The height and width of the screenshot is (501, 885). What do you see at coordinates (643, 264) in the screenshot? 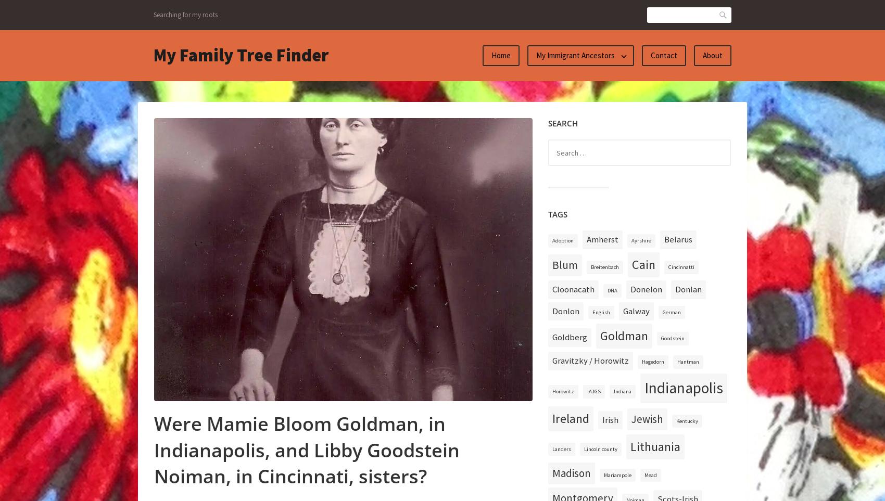
I see `'Cain'` at bounding box center [643, 264].